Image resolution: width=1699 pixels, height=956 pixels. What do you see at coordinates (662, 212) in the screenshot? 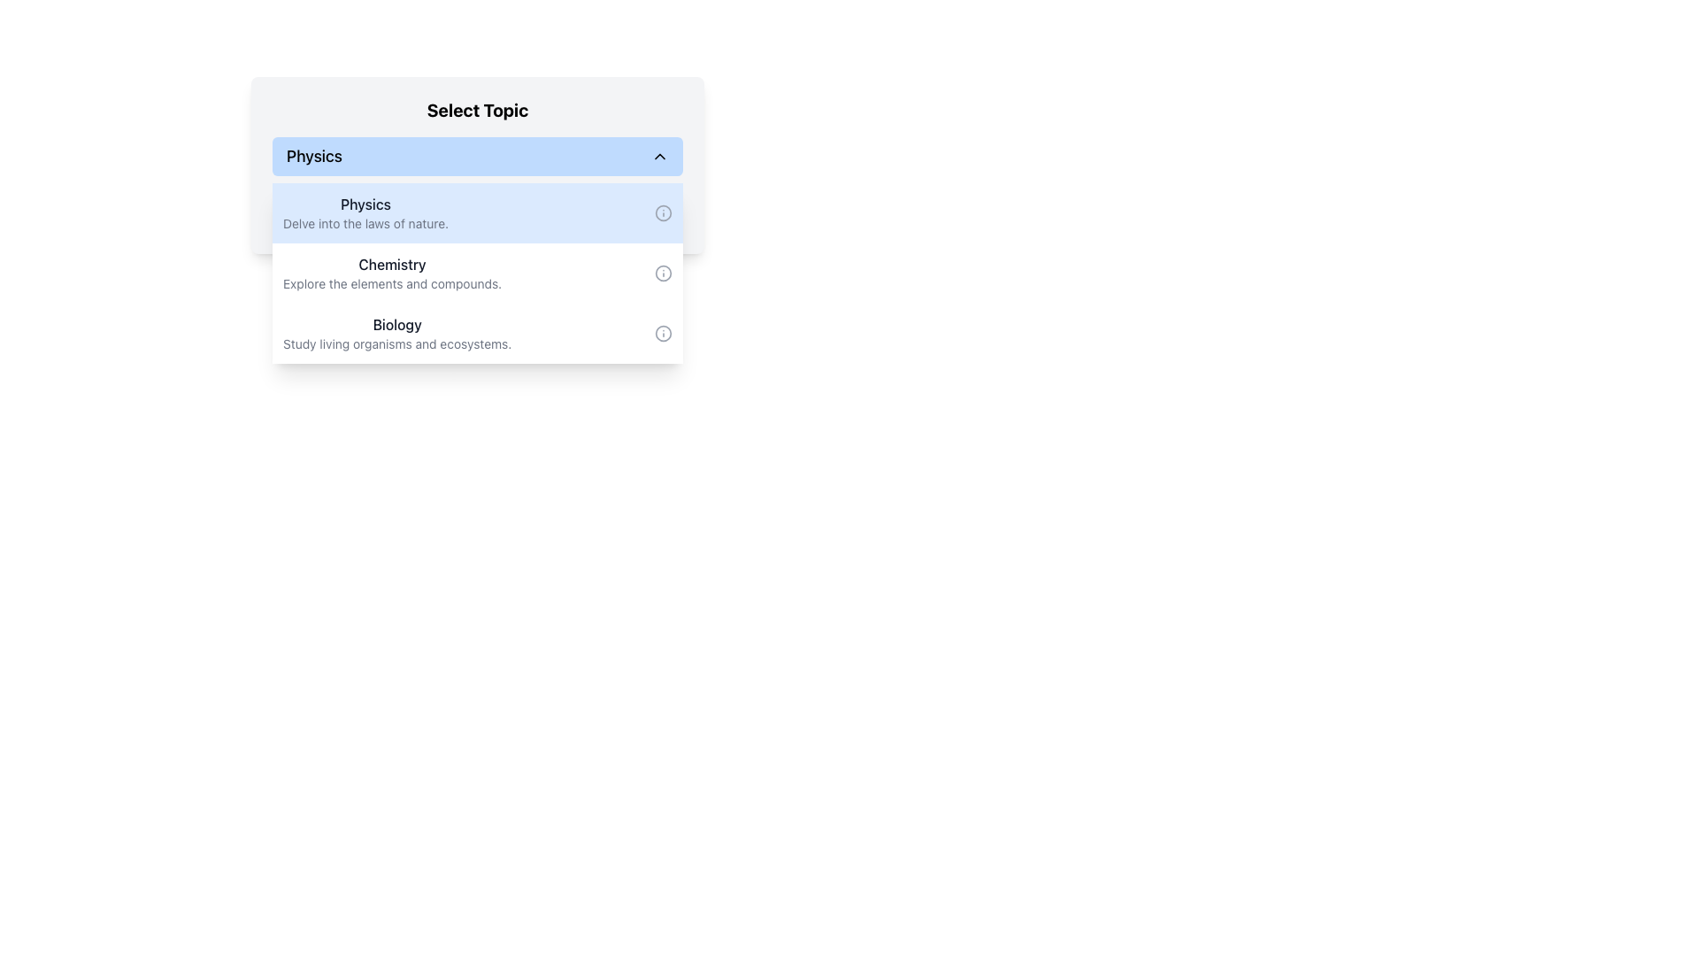
I see `the informational icon related to 'Physics' located at the extreme right side of the row labeled 'Physics'` at bounding box center [662, 212].